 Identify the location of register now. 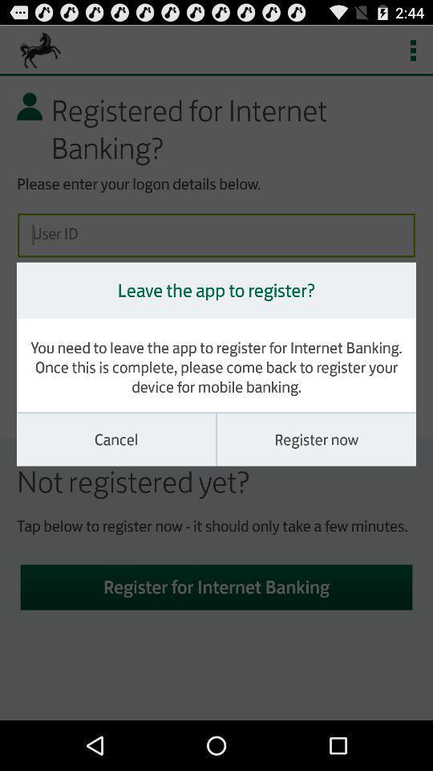
(316, 439).